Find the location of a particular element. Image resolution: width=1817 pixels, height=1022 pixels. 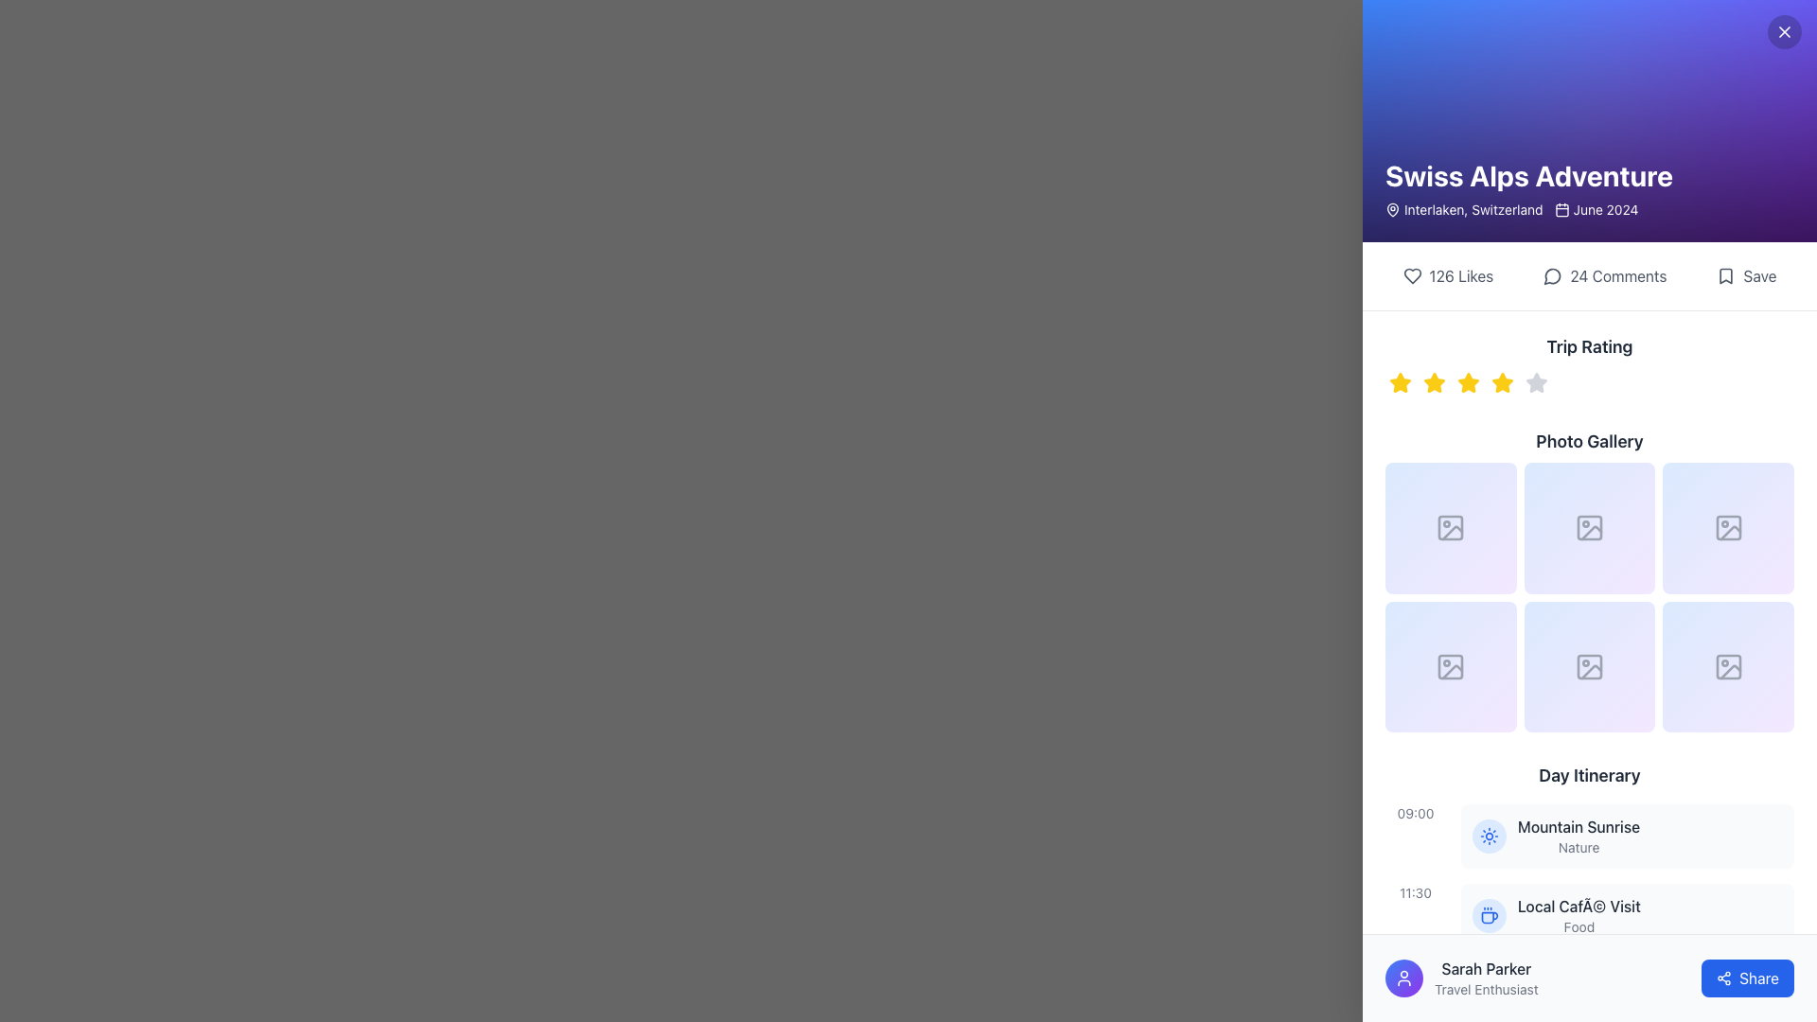

the circular user icon with a gradient background transitioning from blue to purple, located to the left of the label 'Sarah Parker' and the subtitle 'Travel Enthusiast' is located at coordinates (1403, 978).